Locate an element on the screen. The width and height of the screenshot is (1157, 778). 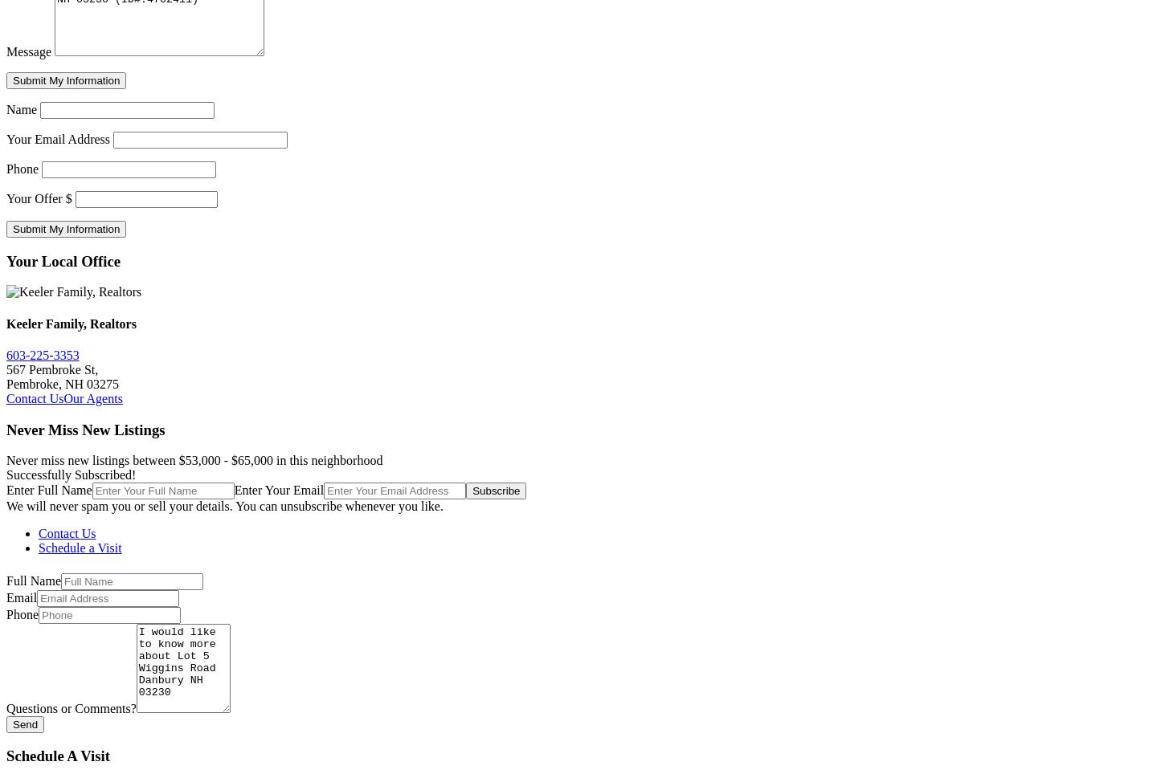
'Our Agents' is located at coordinates (63, 397).